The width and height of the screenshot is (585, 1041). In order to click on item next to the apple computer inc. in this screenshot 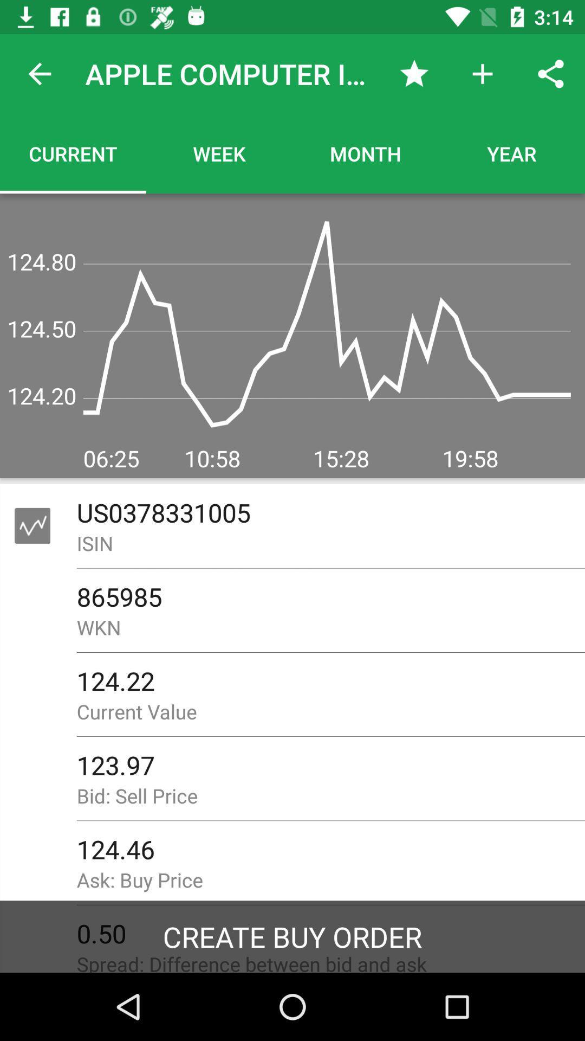, I will do `click(39, 73)`.